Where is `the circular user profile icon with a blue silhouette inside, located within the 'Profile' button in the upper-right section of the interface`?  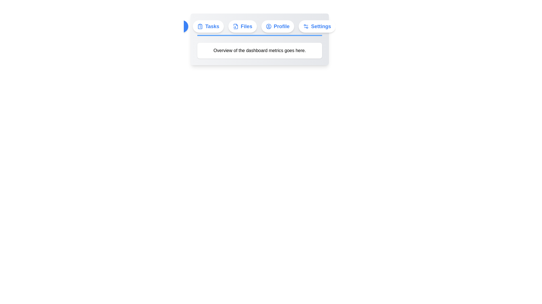 the circular user profile icon with a blue silhouette inside, located within the 'Profile' button in the upper-right section of the interface is located at coordinates (268, 26).